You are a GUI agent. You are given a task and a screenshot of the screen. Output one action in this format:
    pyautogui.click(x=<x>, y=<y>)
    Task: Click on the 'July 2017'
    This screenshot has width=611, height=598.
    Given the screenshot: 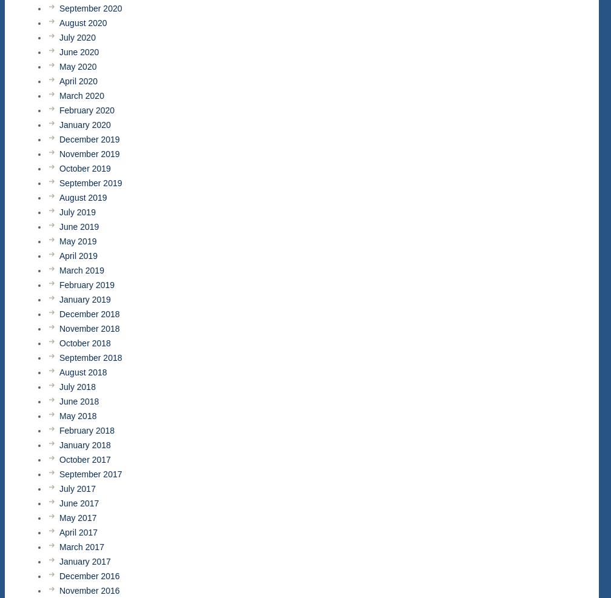 What is the action you would take?
    pyautogui.click(x=59, y=488)
    